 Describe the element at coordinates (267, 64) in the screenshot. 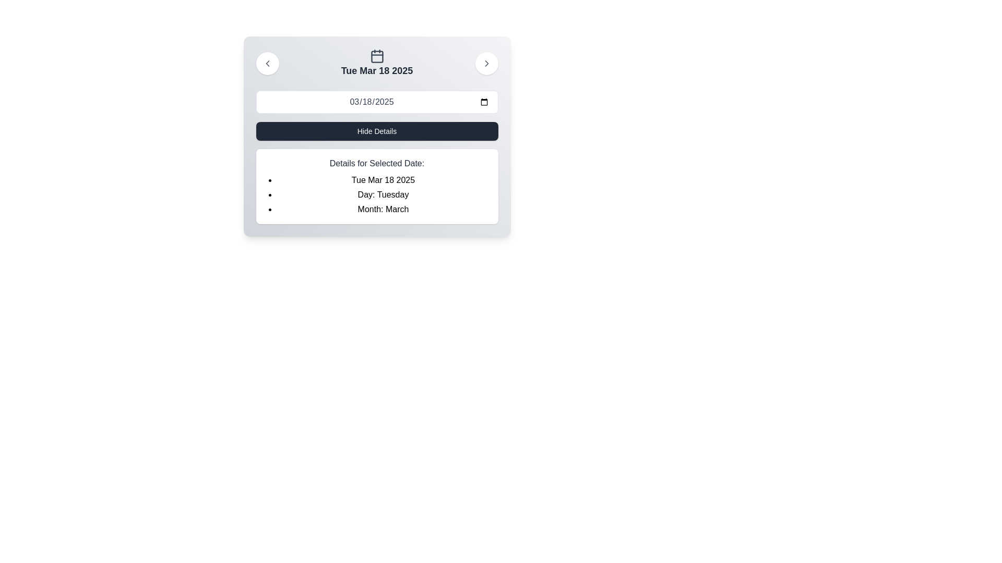

I see `the left-facing chevron icon button, which is prominently positioned in the top-left corner of the interface, to observe the styling changes` at that location.